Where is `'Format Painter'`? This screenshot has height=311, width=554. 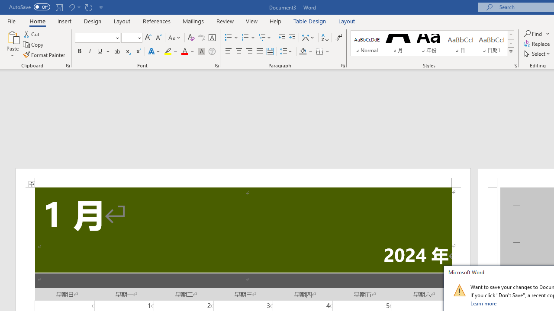 'Format Painter' is located at coordinates (44, 55).